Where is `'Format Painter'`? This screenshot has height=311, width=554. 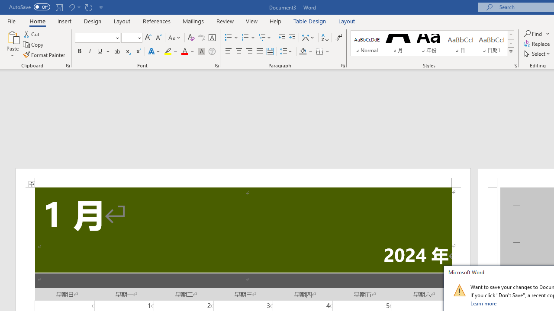 'Format Painter' is located at coordinates (44, 55).